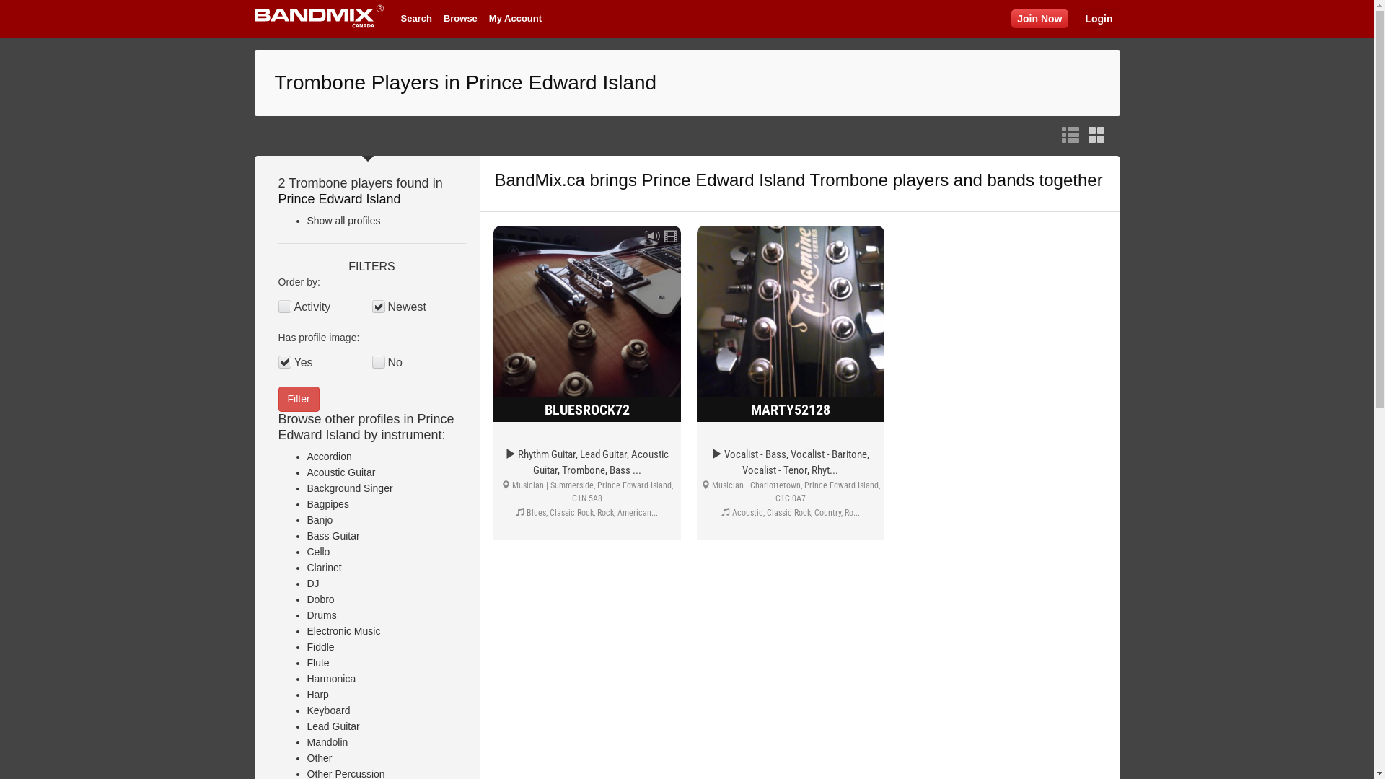 This screenshot has width=1385, height=779. I want to click on 'Clarinet', so click(324, 566).